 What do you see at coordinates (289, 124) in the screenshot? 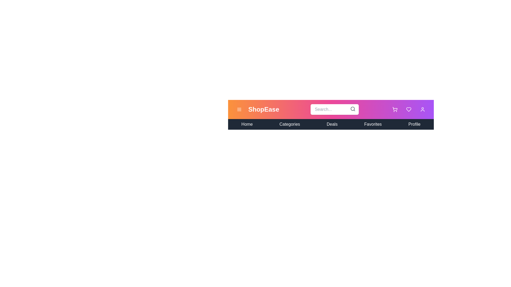
I see `the Categories from the navigation menu` at bounding box center [289, 124].